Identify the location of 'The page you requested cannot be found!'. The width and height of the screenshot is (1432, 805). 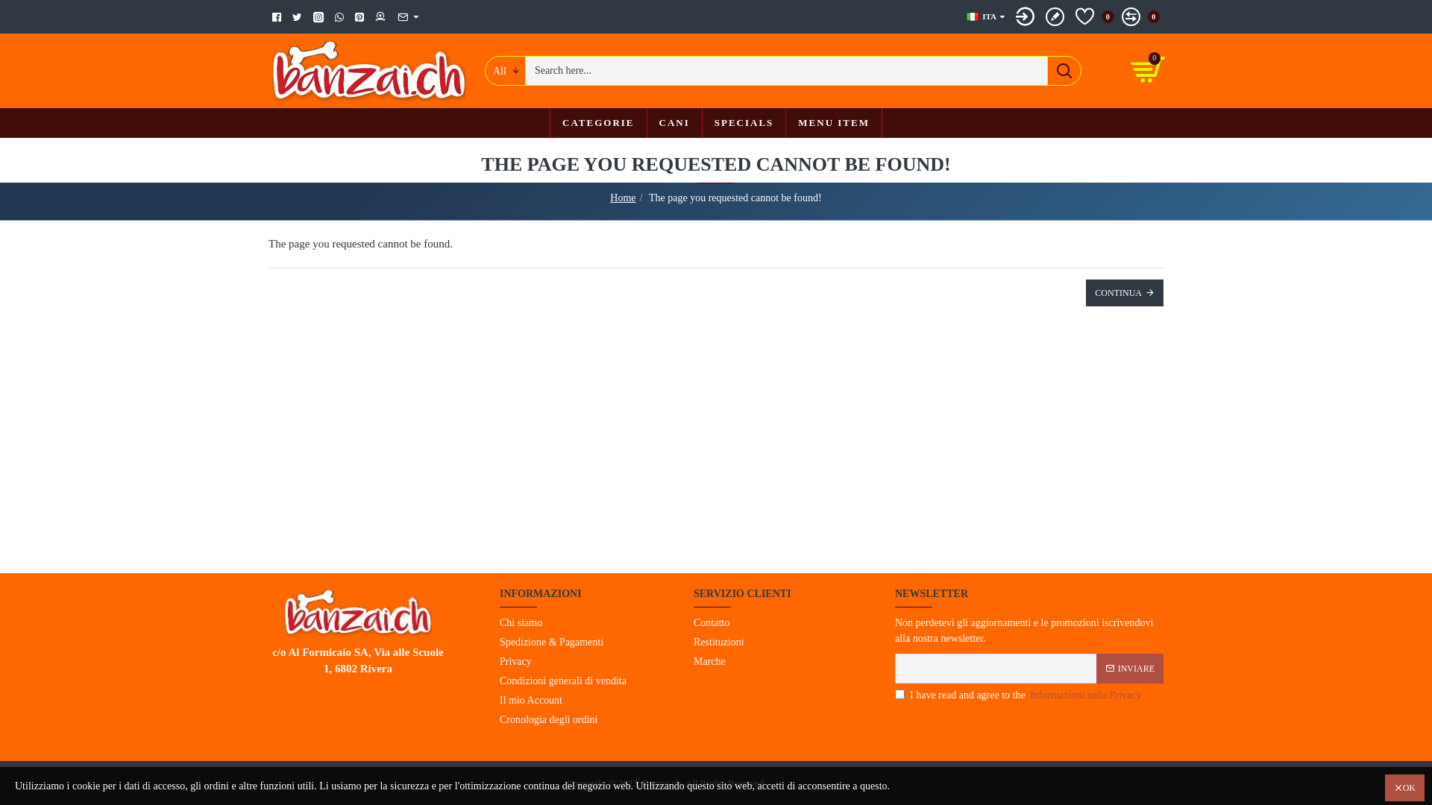
(735, 197).